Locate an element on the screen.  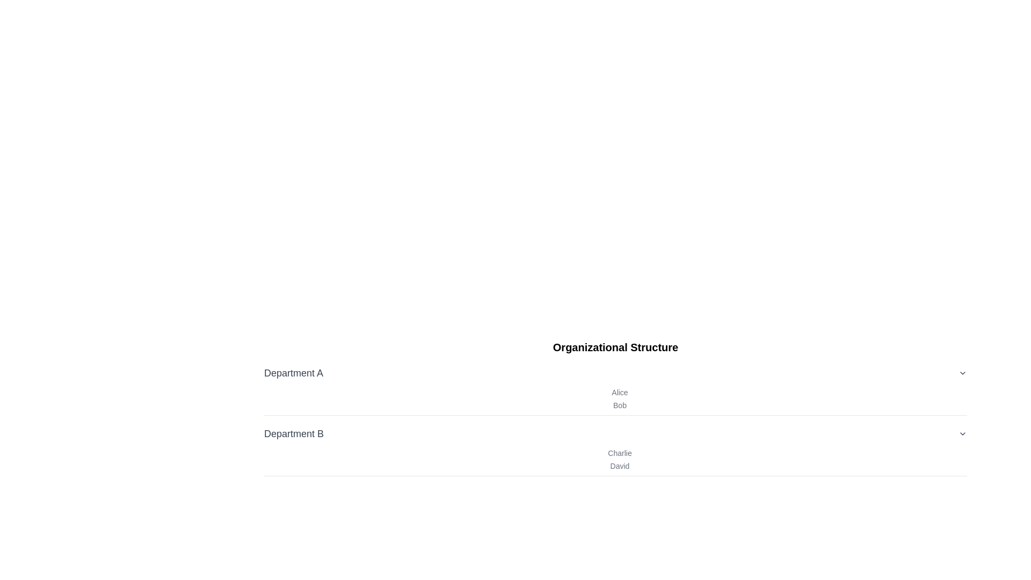
the text block displaying group information for 'Charlie' and 'David' under the heading 'Department B' is located at coordinates (620, 459).